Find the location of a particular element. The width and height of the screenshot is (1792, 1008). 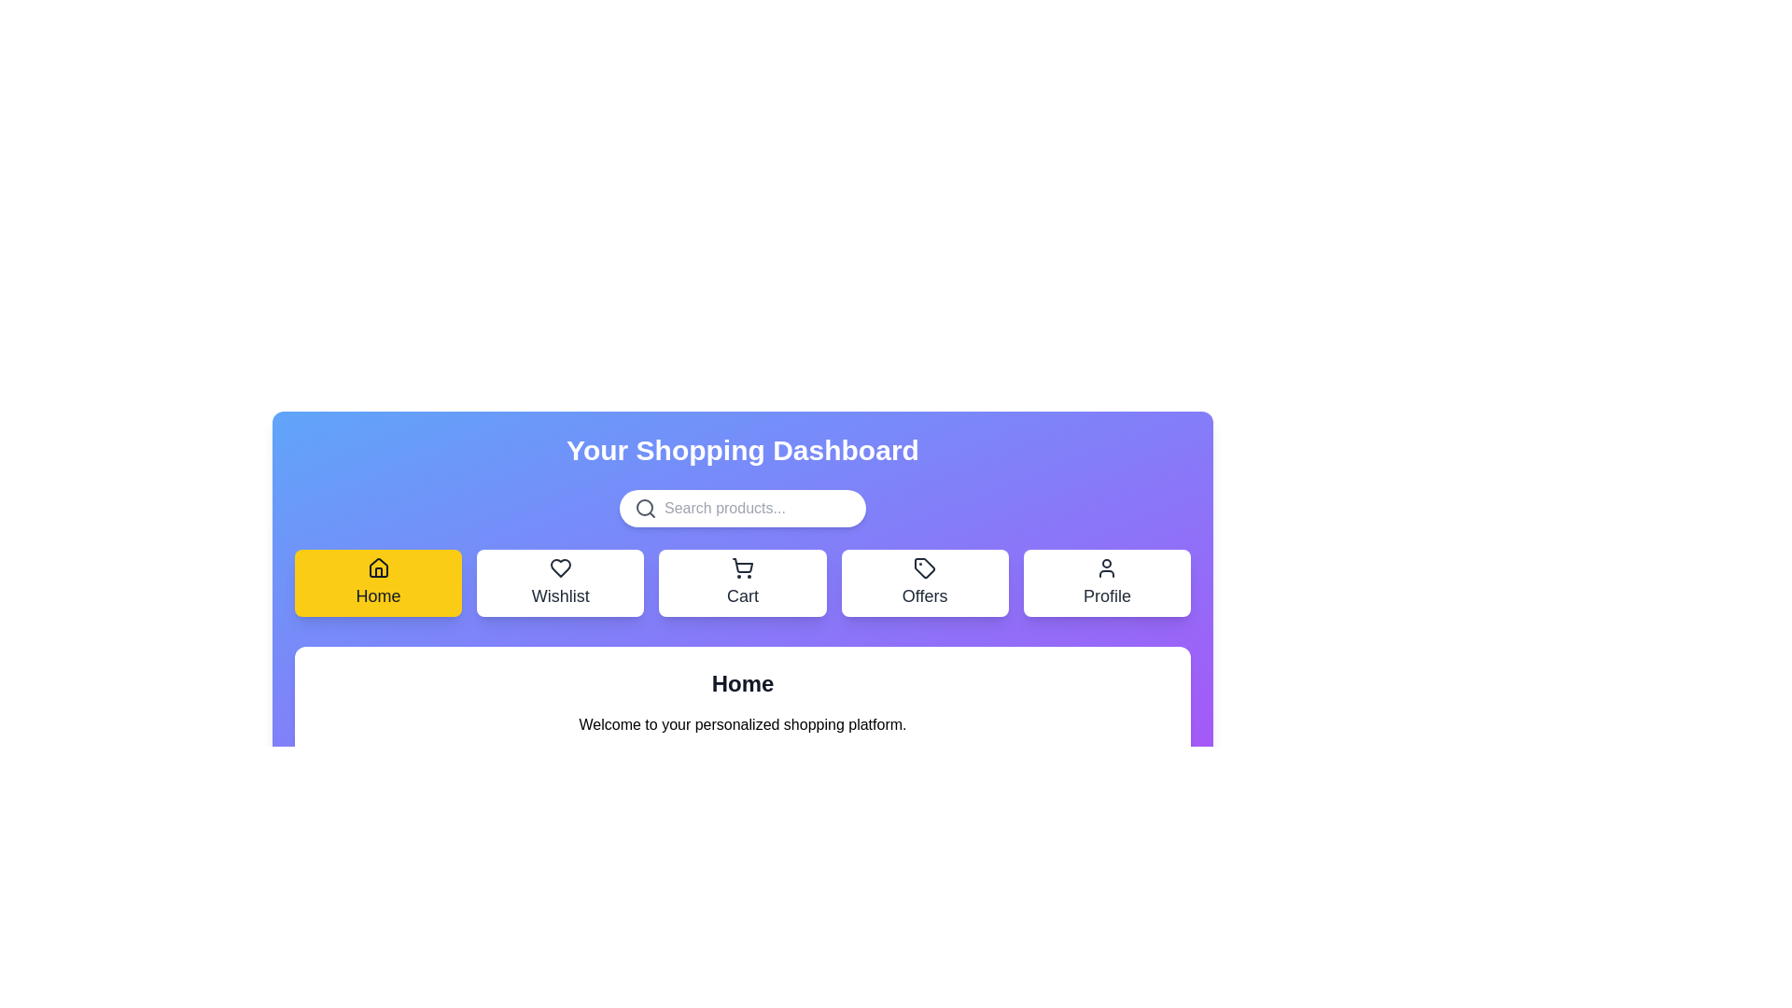

the navigation button for 'Offers' located in the middle section of the navigation panel is located at coordinates (925, 581).